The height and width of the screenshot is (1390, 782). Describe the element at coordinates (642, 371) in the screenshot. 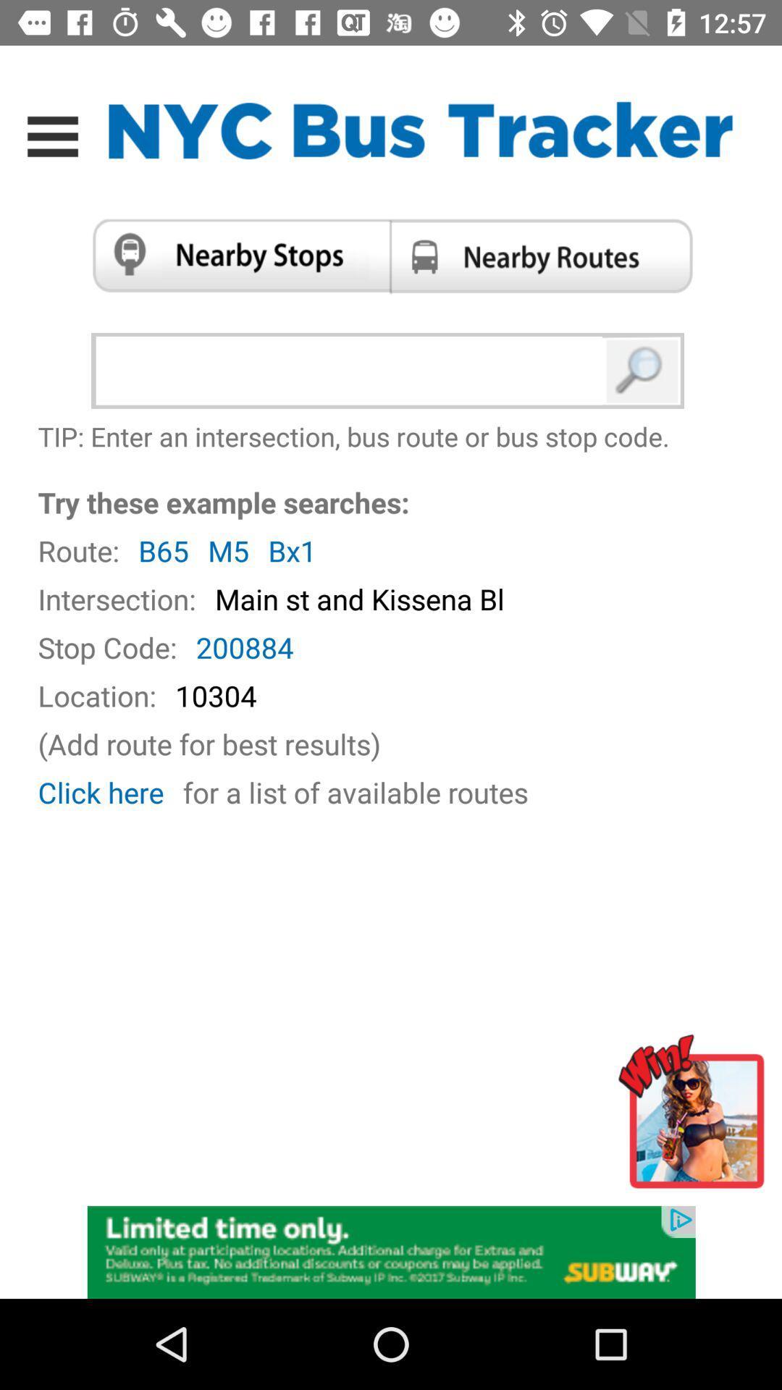

I see `the search icon` at that location.